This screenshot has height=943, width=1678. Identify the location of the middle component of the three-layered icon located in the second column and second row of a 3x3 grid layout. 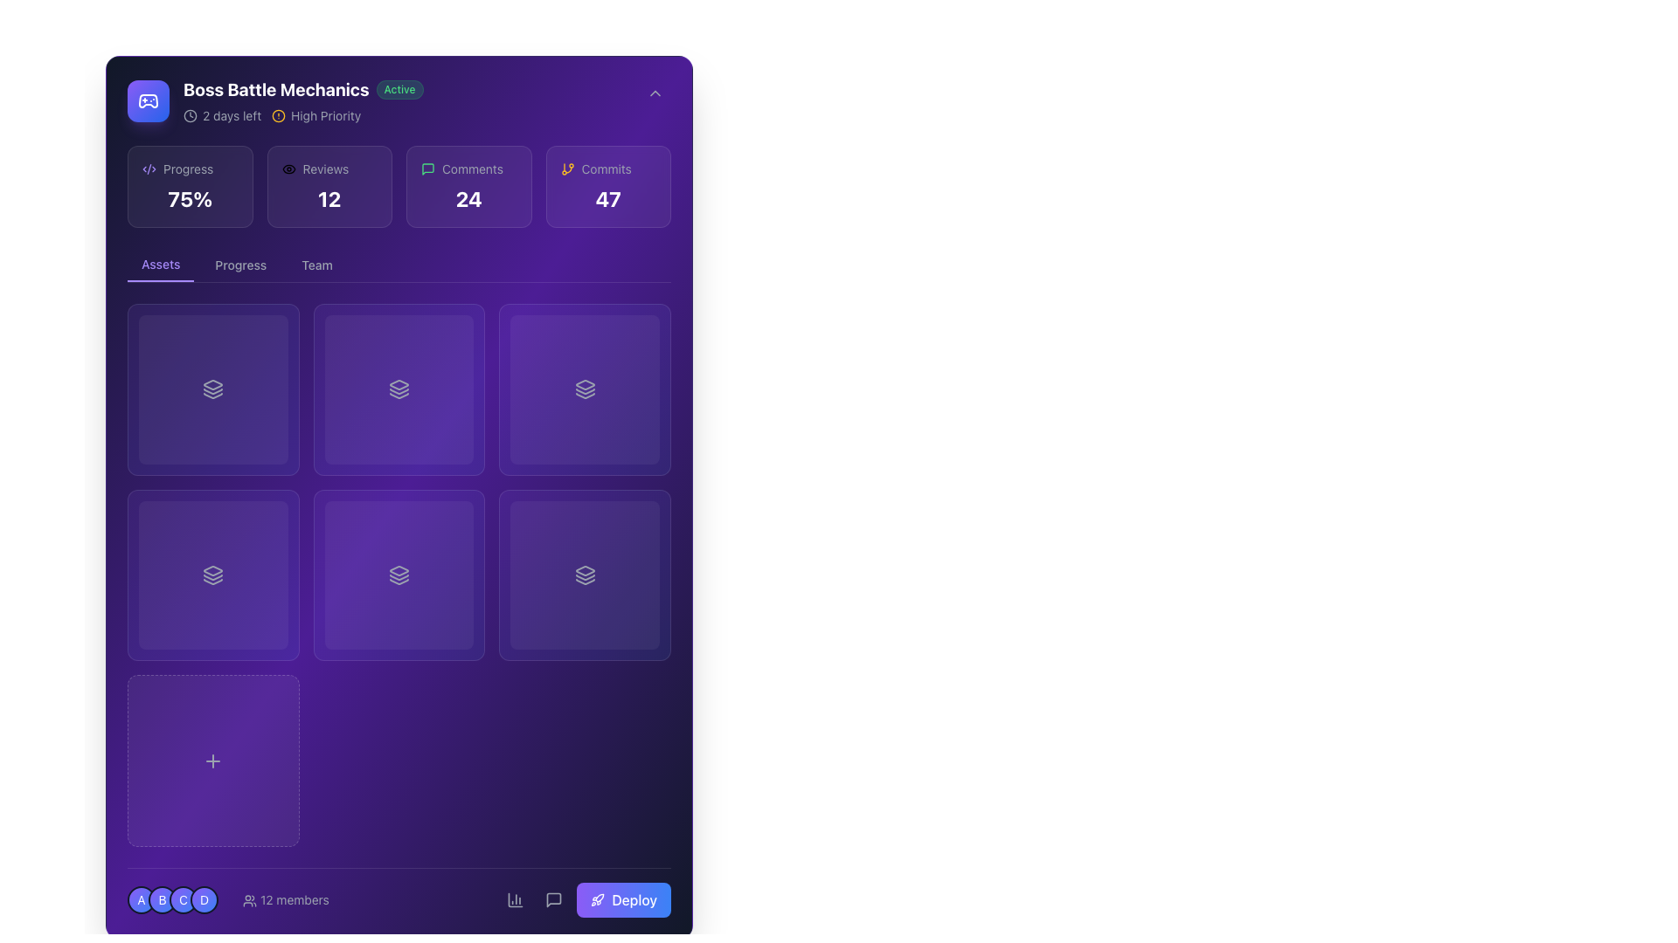
(398, 577).